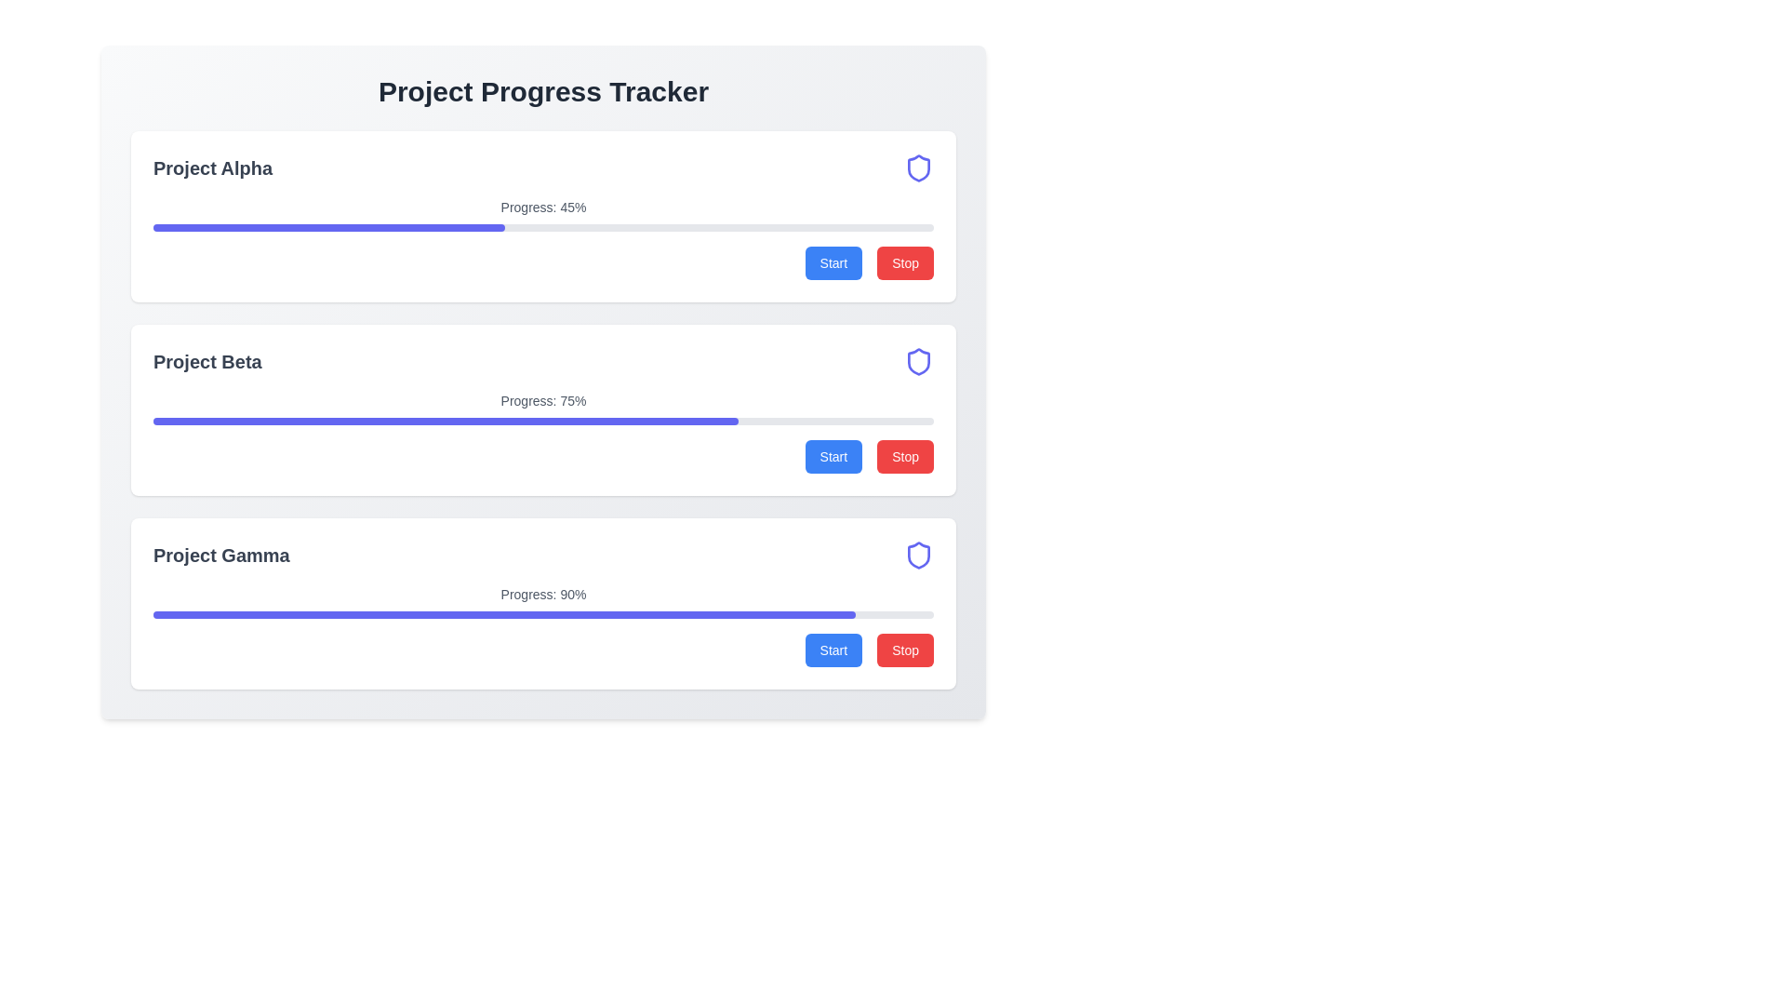 The width and height of the screenshot is (1786, 1005). What do you see at coordinates (542, 215) in the screenshot?
I see `the 'Project Alpha' card, which is the first card in a stacked list of project cards` at bounding box center [542, 215].